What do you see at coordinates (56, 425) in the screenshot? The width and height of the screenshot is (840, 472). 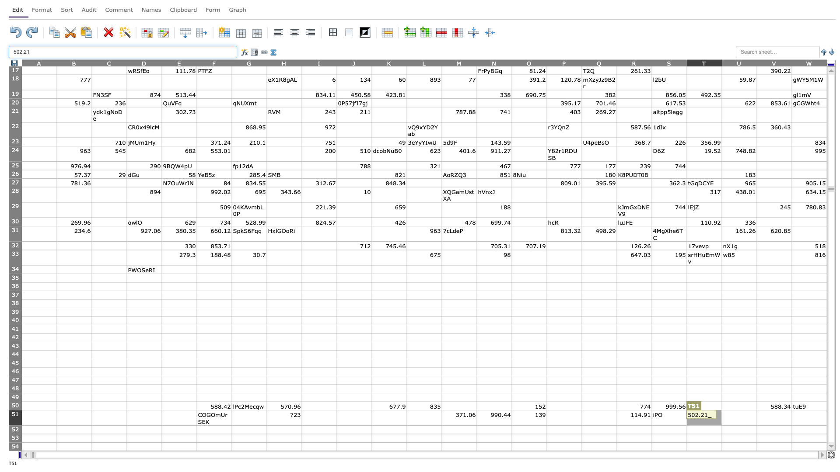 I see `top left corner of B52` at bounding box center [56, 425].